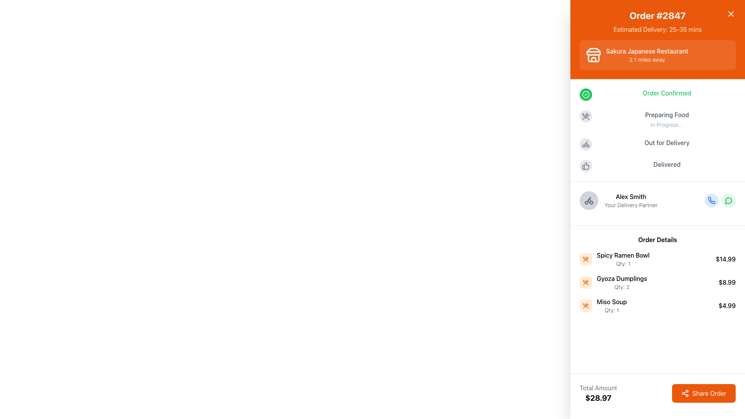 The image size is (745, 419). I want to click on information displayed on the Informational Card located in the orange header at the top of the panel, which provides details about the restaurant associated with the order, so click(657, 55).